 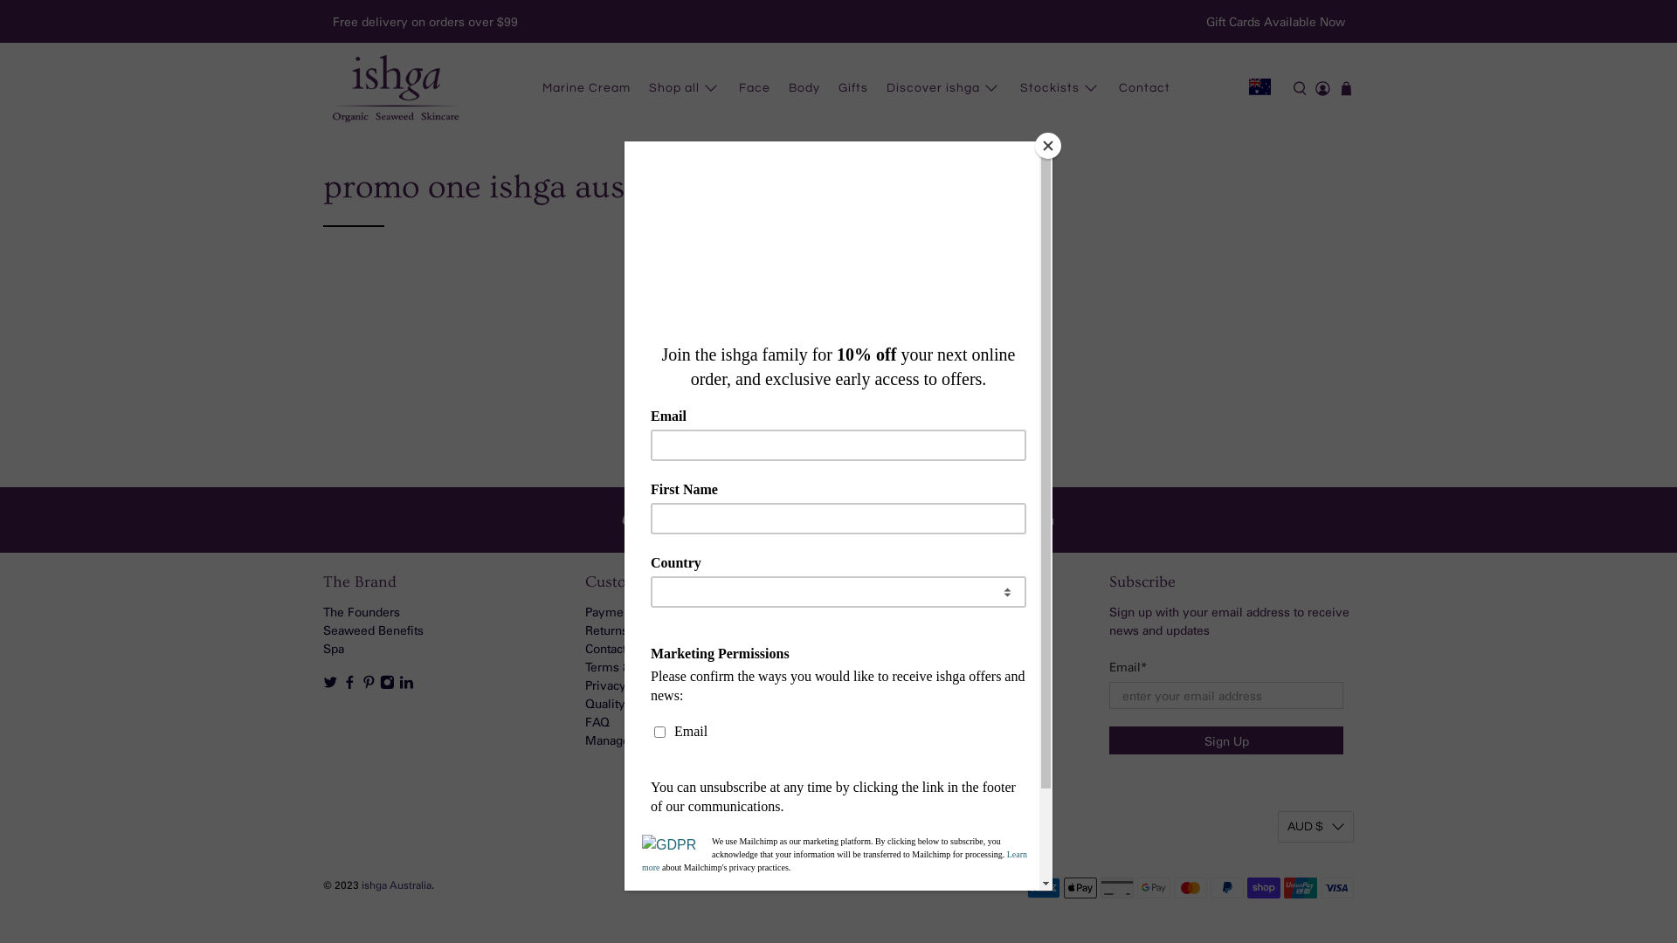 I want to click on 'Privacy Policy', so click(x=625, y=684).